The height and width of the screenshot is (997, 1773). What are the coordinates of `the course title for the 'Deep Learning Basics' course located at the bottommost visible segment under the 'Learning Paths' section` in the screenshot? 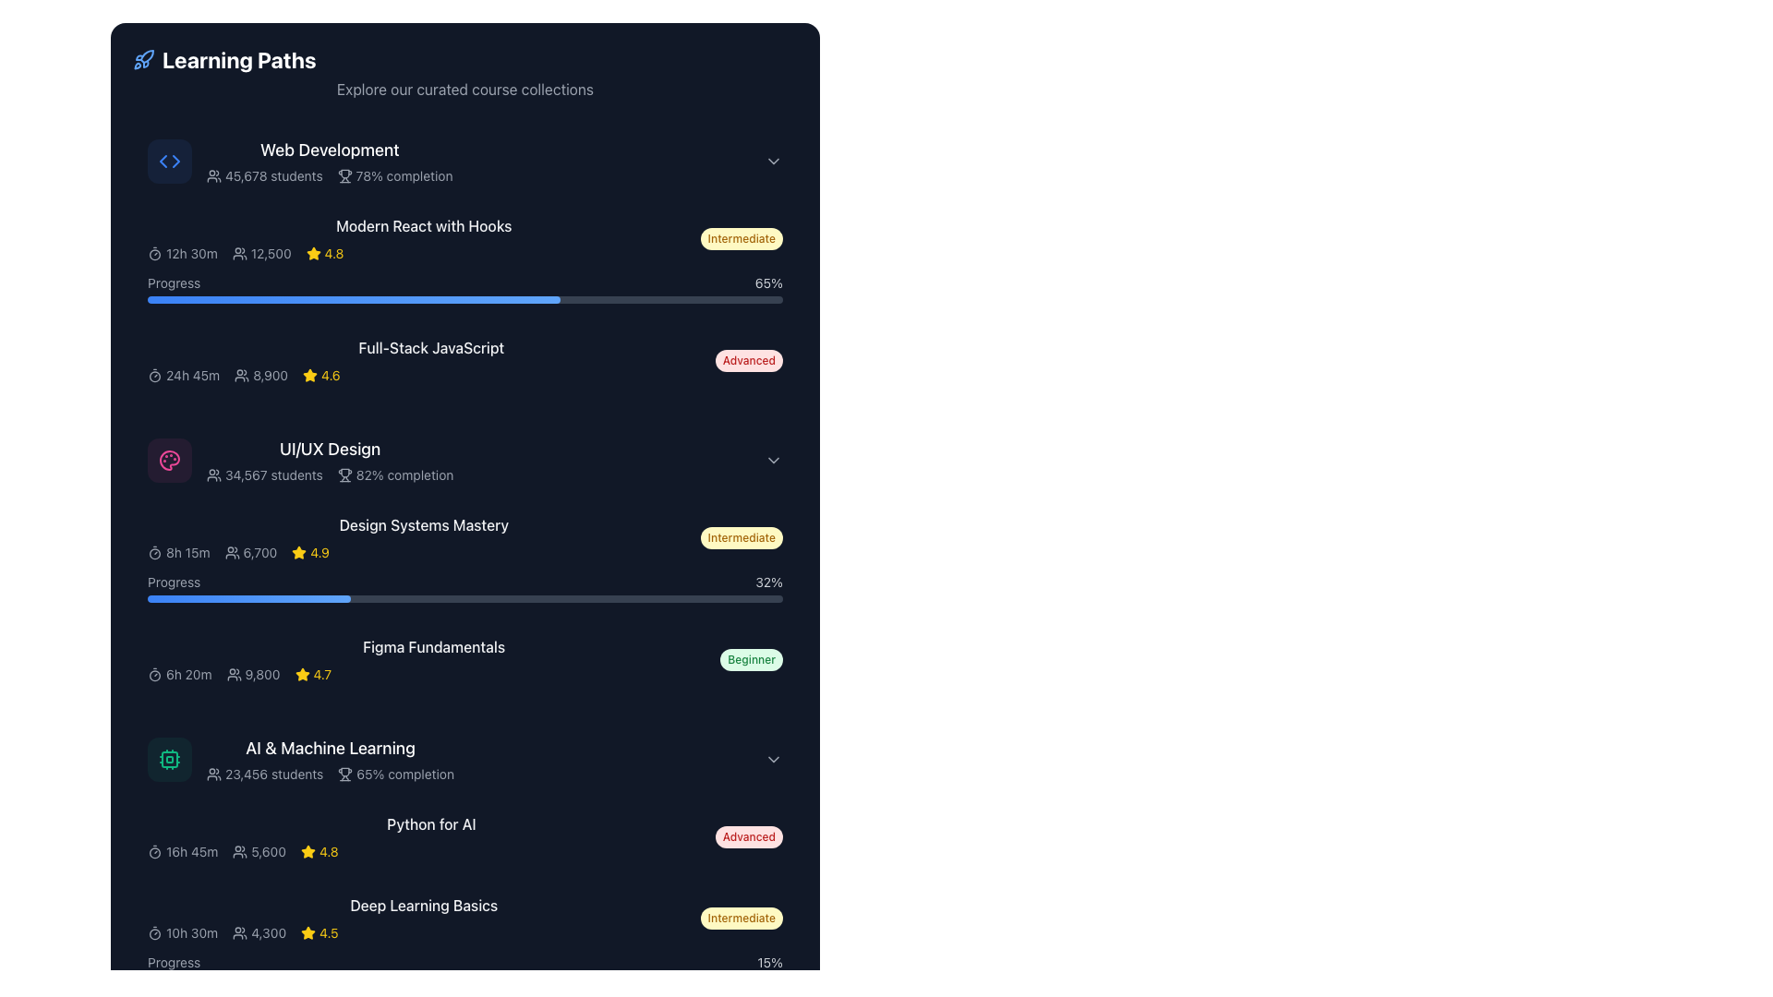 It's located at (465, 919).